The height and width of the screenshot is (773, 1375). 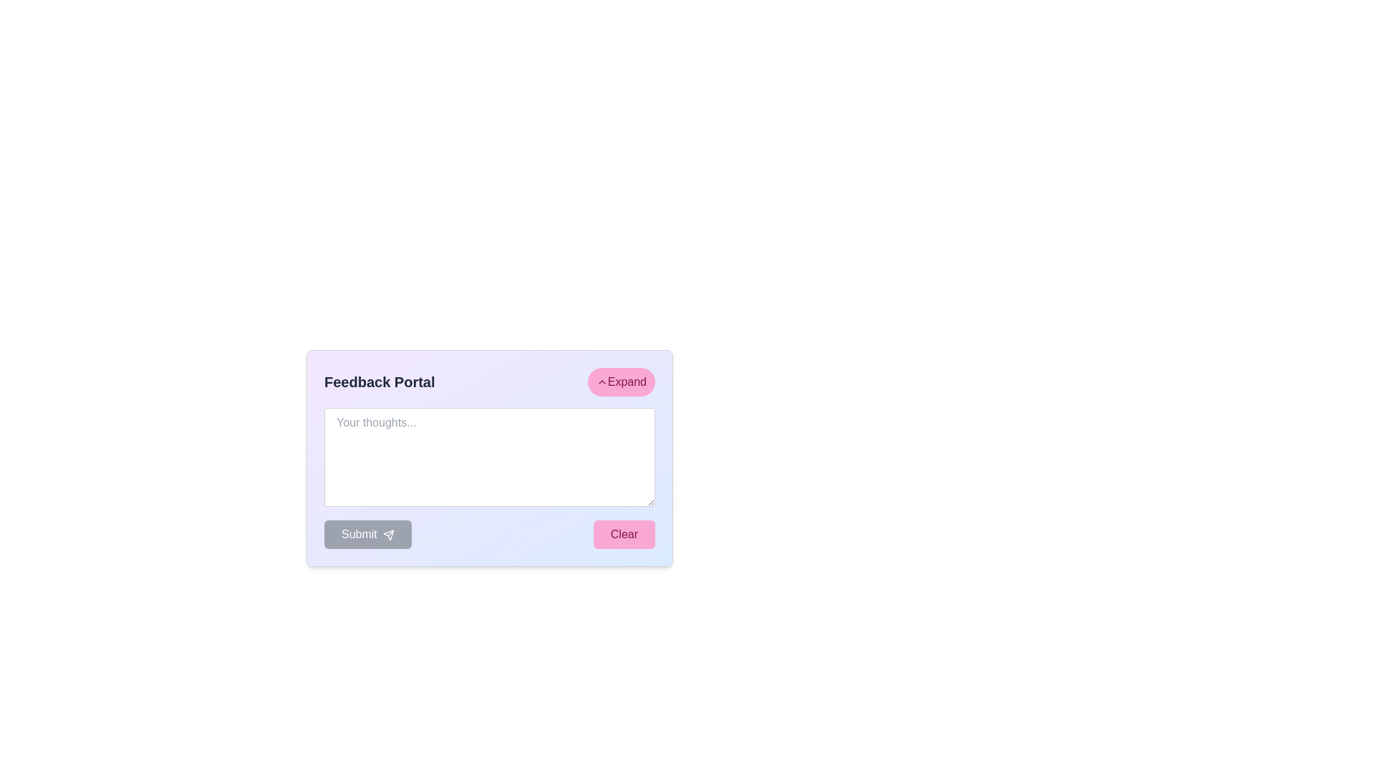 What do you see at coordinates (624, 535) in the screenshot?
I see `the 'Clear' button located at the bottom-right corner of the feedback form to reset the form fields` at bounding box center [624, 535].